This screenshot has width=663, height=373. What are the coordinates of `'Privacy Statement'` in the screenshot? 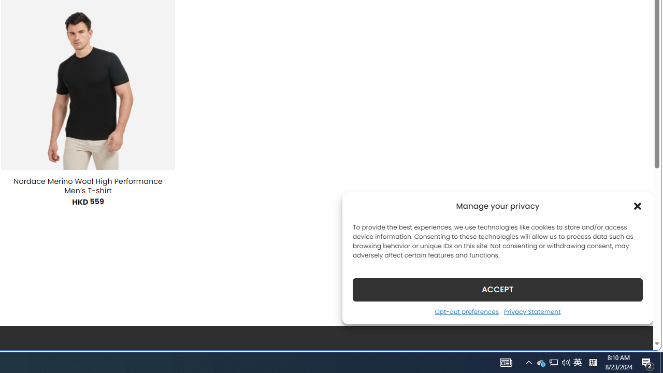 It's located at (532, 311).